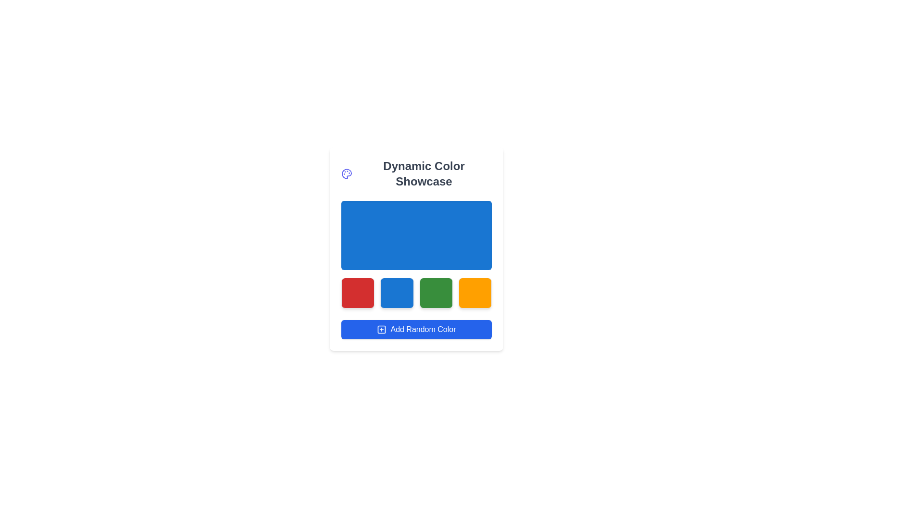 The image size is (923, 519). I want to click on the Text Header element, which serves as a title for the interface section and is positioned above a blue rectangular block, so click(416, 174).